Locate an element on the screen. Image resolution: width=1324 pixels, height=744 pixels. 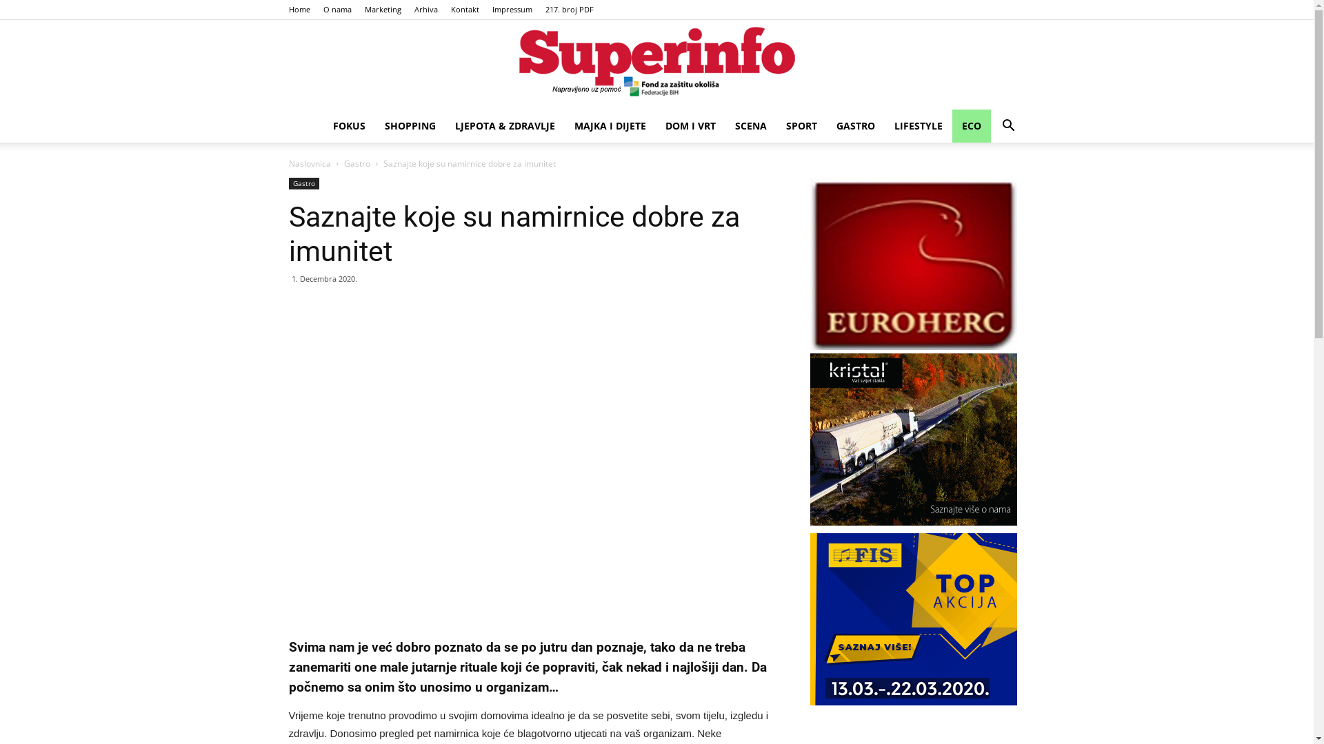
'Kontakt' is located at coordinates (465, 9).